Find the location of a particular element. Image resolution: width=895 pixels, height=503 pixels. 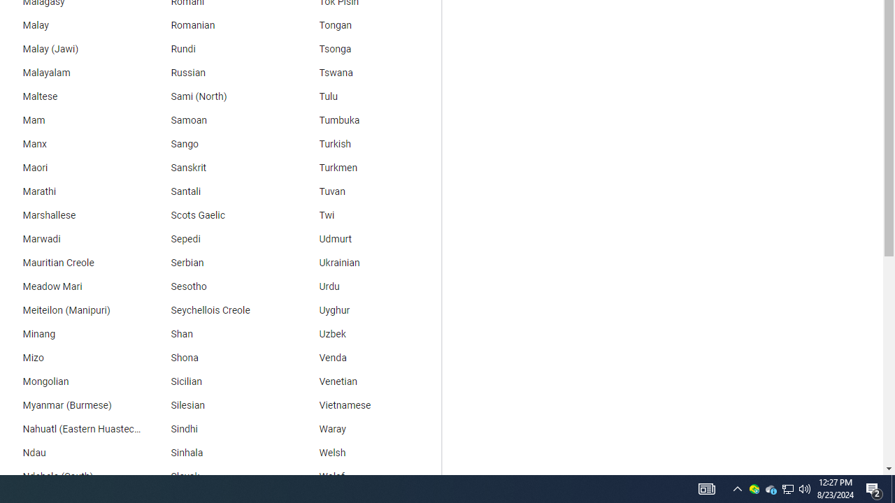

'Seychellois Creole' is located at coordinates (217, 309).